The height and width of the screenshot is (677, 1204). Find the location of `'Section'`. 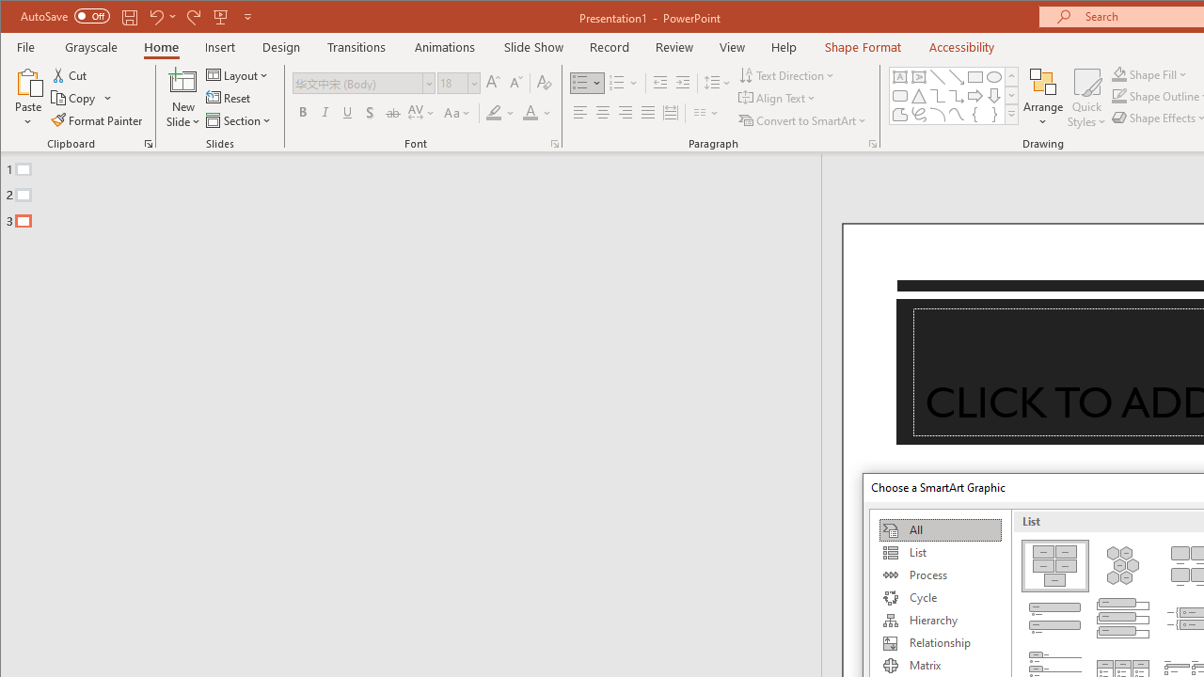

'Section' is located at coordinates (239, 120).